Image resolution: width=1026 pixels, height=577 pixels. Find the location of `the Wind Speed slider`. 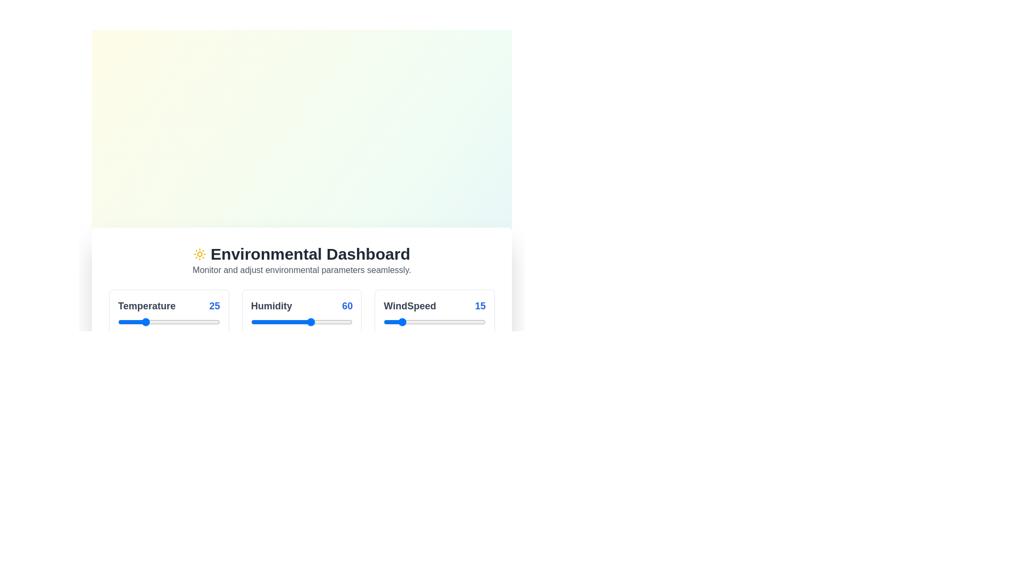

the Wind Speed slider is located at coordinates (459, 321).